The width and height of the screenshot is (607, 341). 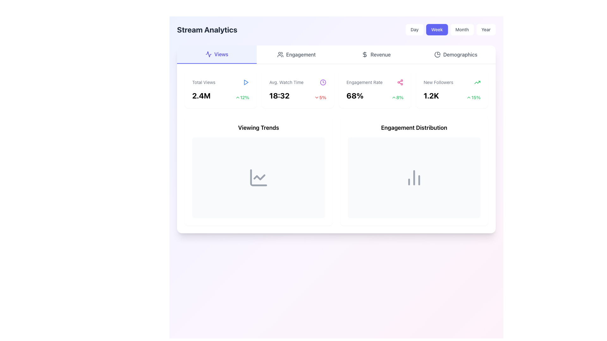 What do you see at coordinates (437, 29) in the screenshot?
I see `the rectangular button with rounded corners and indigo background labeled 'Week'` at bounding box center [437, 29].